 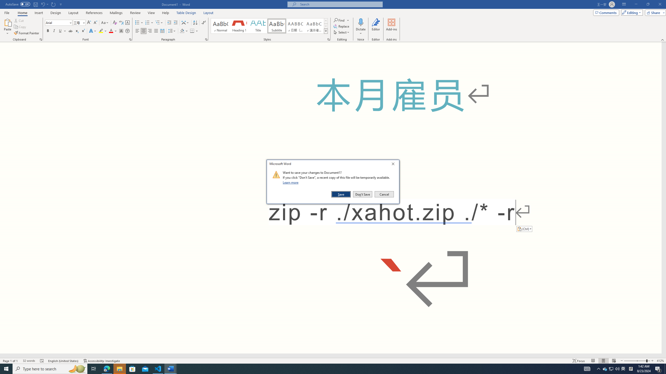 I want to click on 'Class: NetUIImage', so click(x=276, y=174).